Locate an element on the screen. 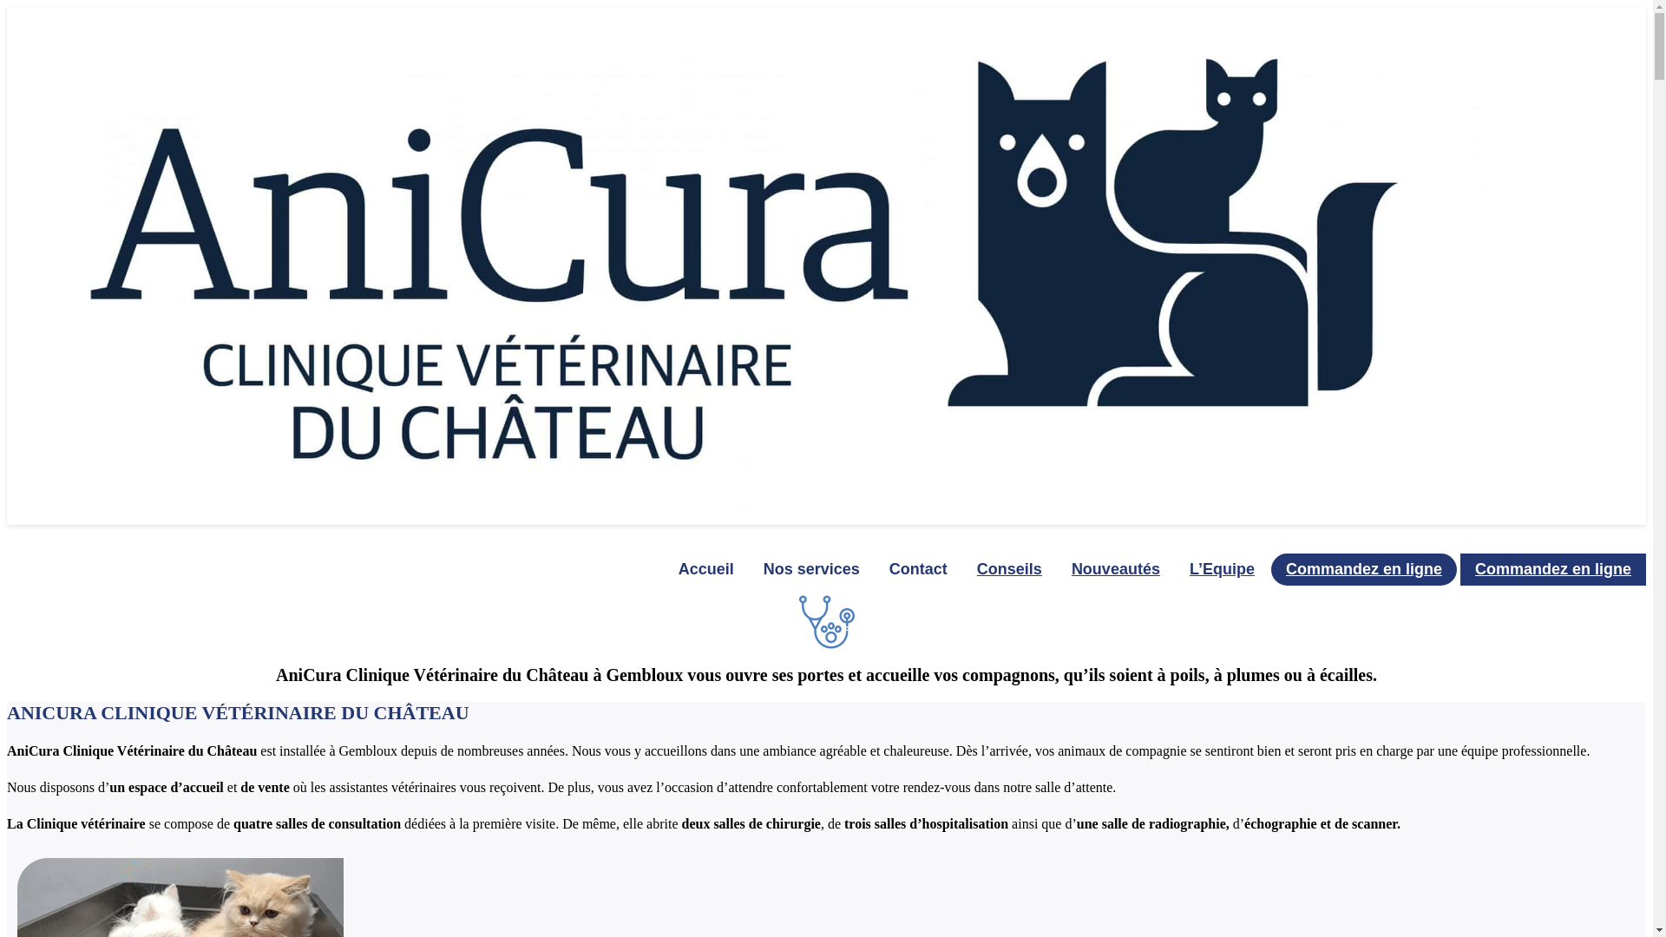 The height and width of the screenshot is (937, 1666). 'Conseils' is located at coordinates (1009, 569).